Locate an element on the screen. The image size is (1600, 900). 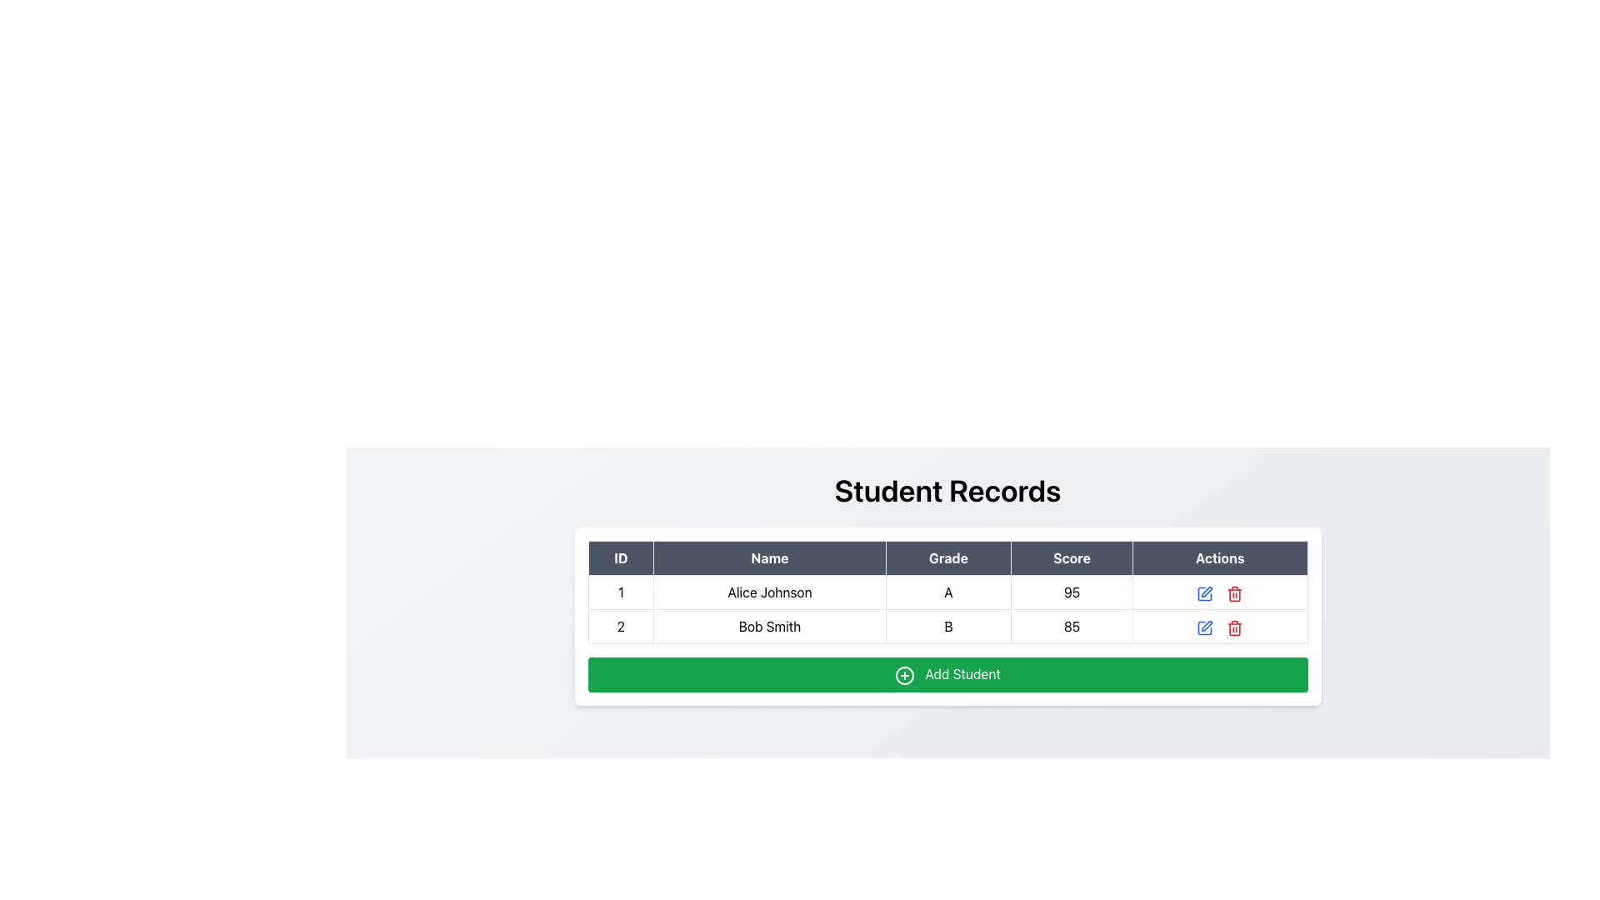
the first cell in the first row of the table displaying the number '1' in bold black font is located at coordinates (620, 591).